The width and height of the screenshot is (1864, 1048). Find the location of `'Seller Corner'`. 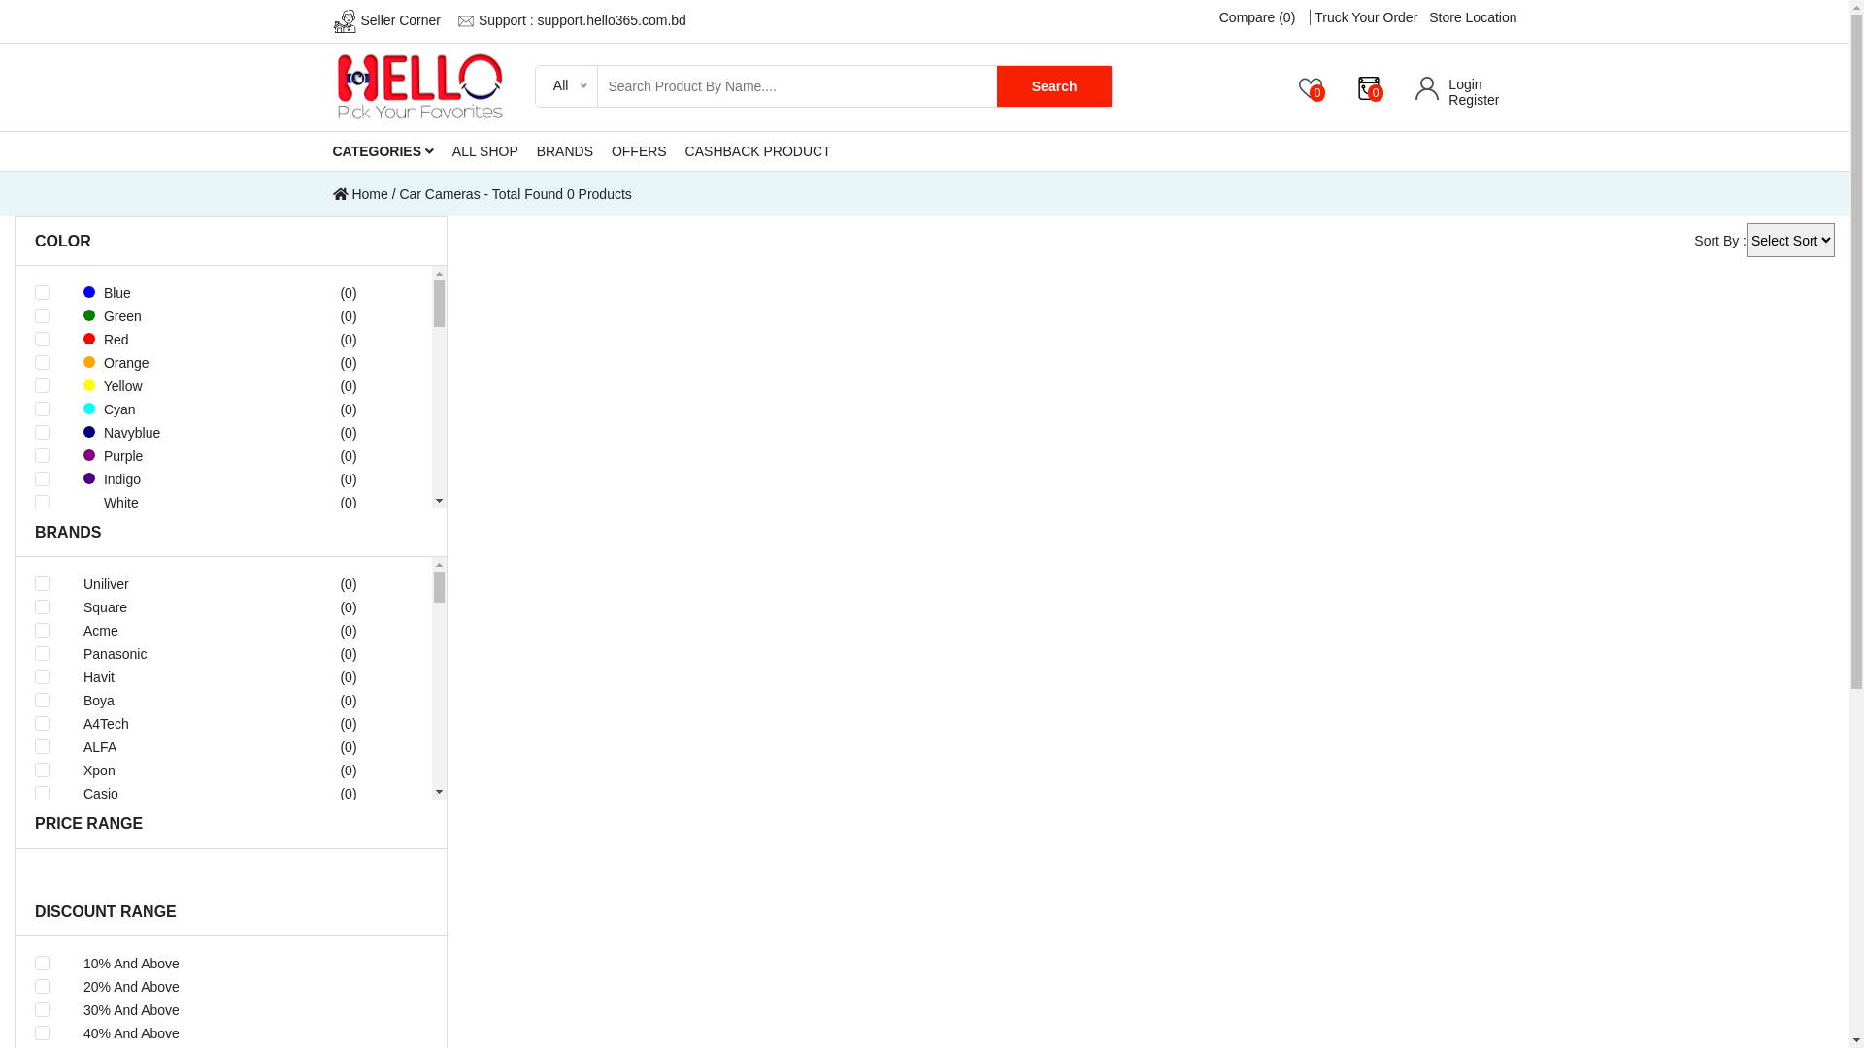

'Seller Corner' is located at coordinates (331, 19).